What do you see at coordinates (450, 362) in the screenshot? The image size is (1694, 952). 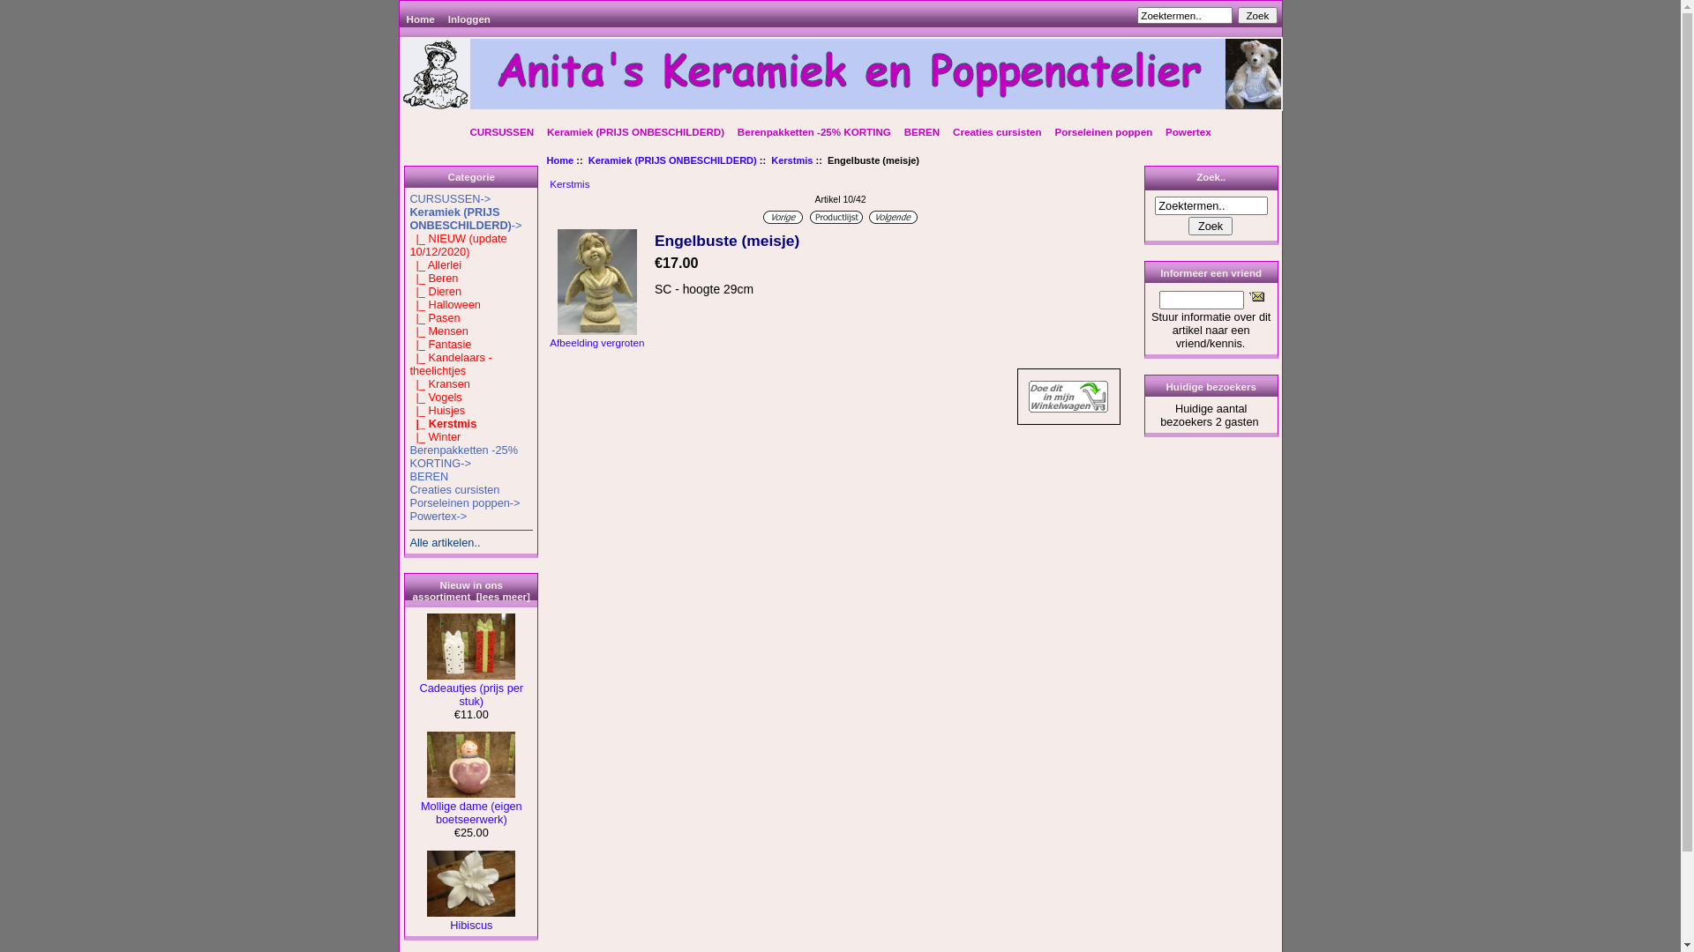 I see `'  |_ Kandelaars - theelichtjes'` at bounding box center [450, 362].